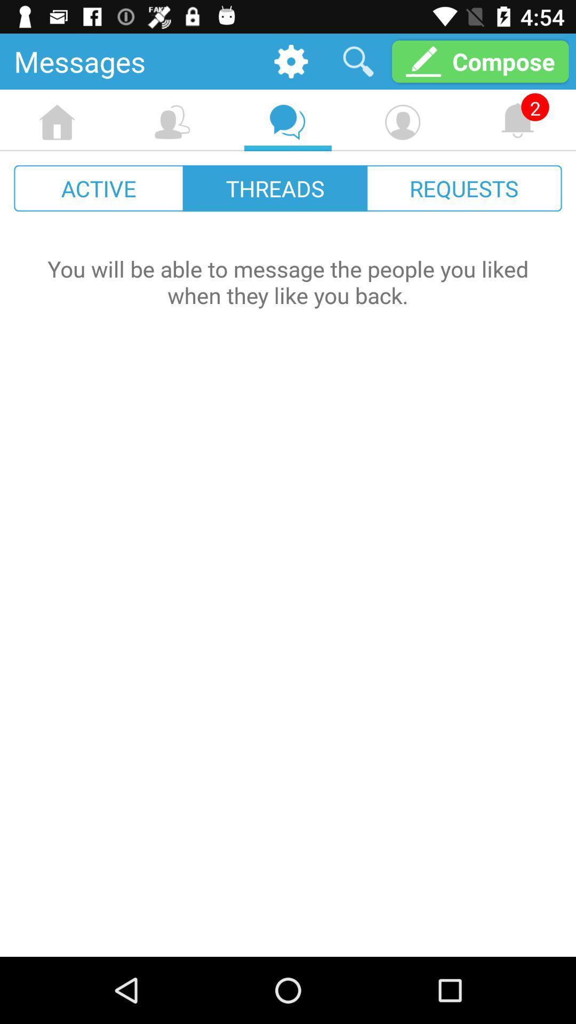 The width and height of the screenshot is (576, 1024). I want to click on requests item, so click(463, 188).